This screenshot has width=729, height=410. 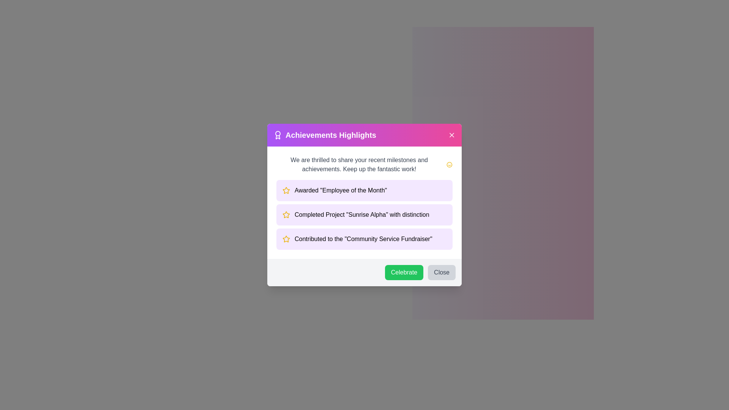 What do you see at coordinates (364, 164) in the screenshot?
I see `the Text Display with Icon that contains the message 'We are thrilled to share your recent milestones and achievements.' and features a yellow smiley face icon on the right side` at bounding box center [364, 164].